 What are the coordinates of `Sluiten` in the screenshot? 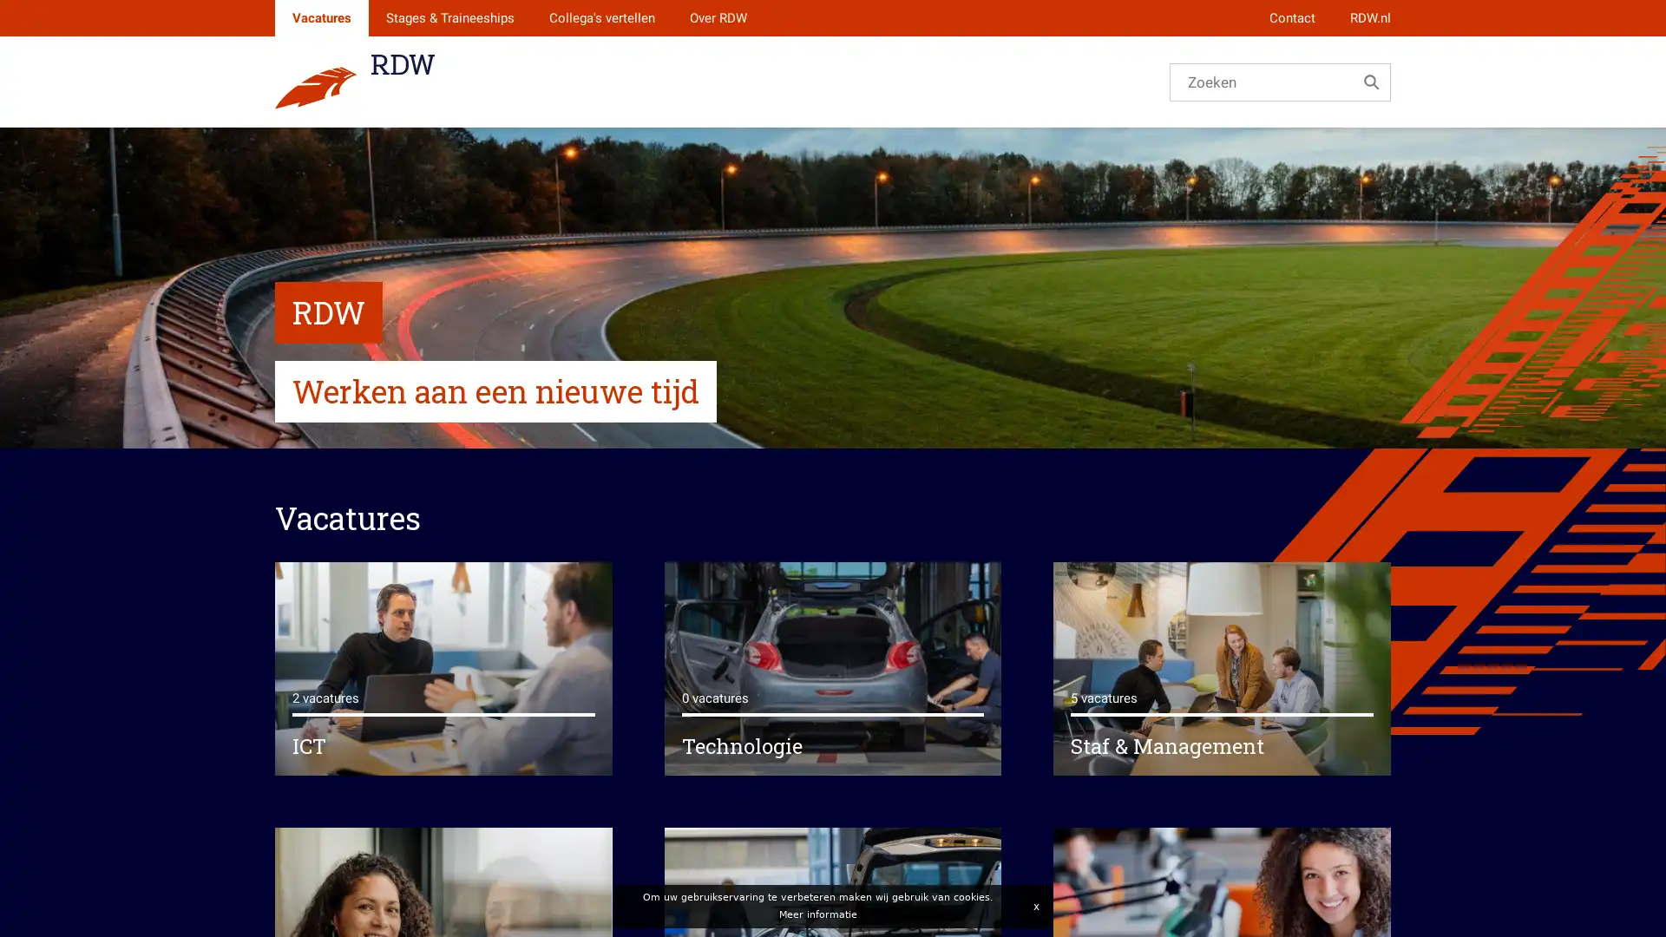 It's located at (1035, 906).